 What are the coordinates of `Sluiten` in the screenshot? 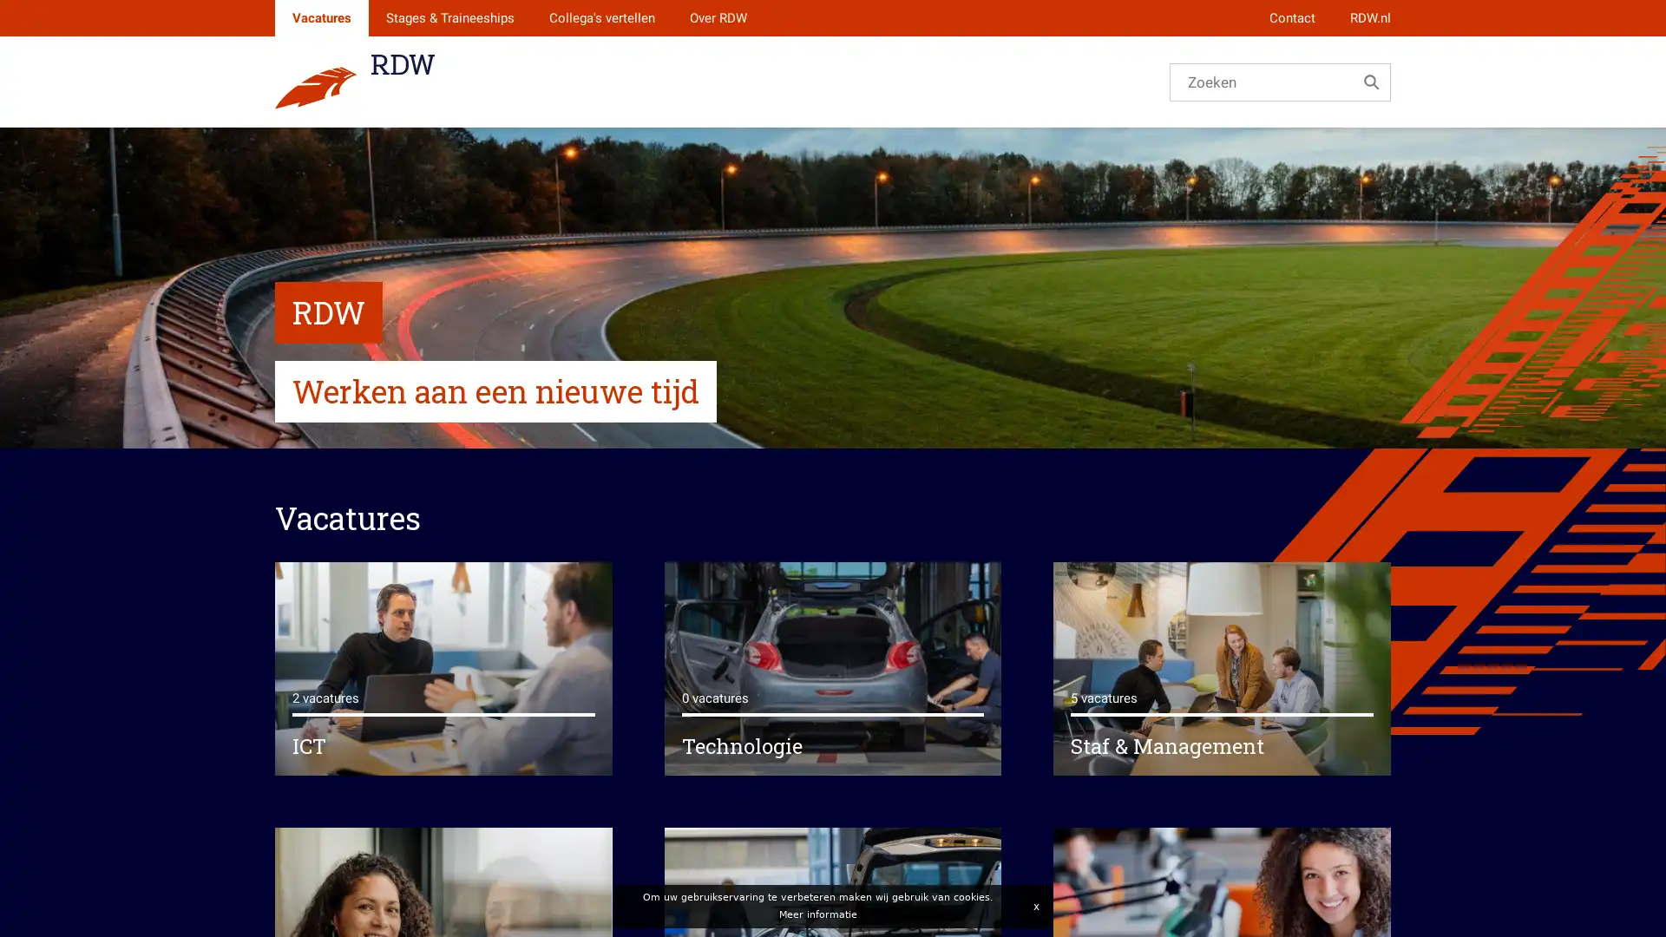 It's located at (1035, 906).